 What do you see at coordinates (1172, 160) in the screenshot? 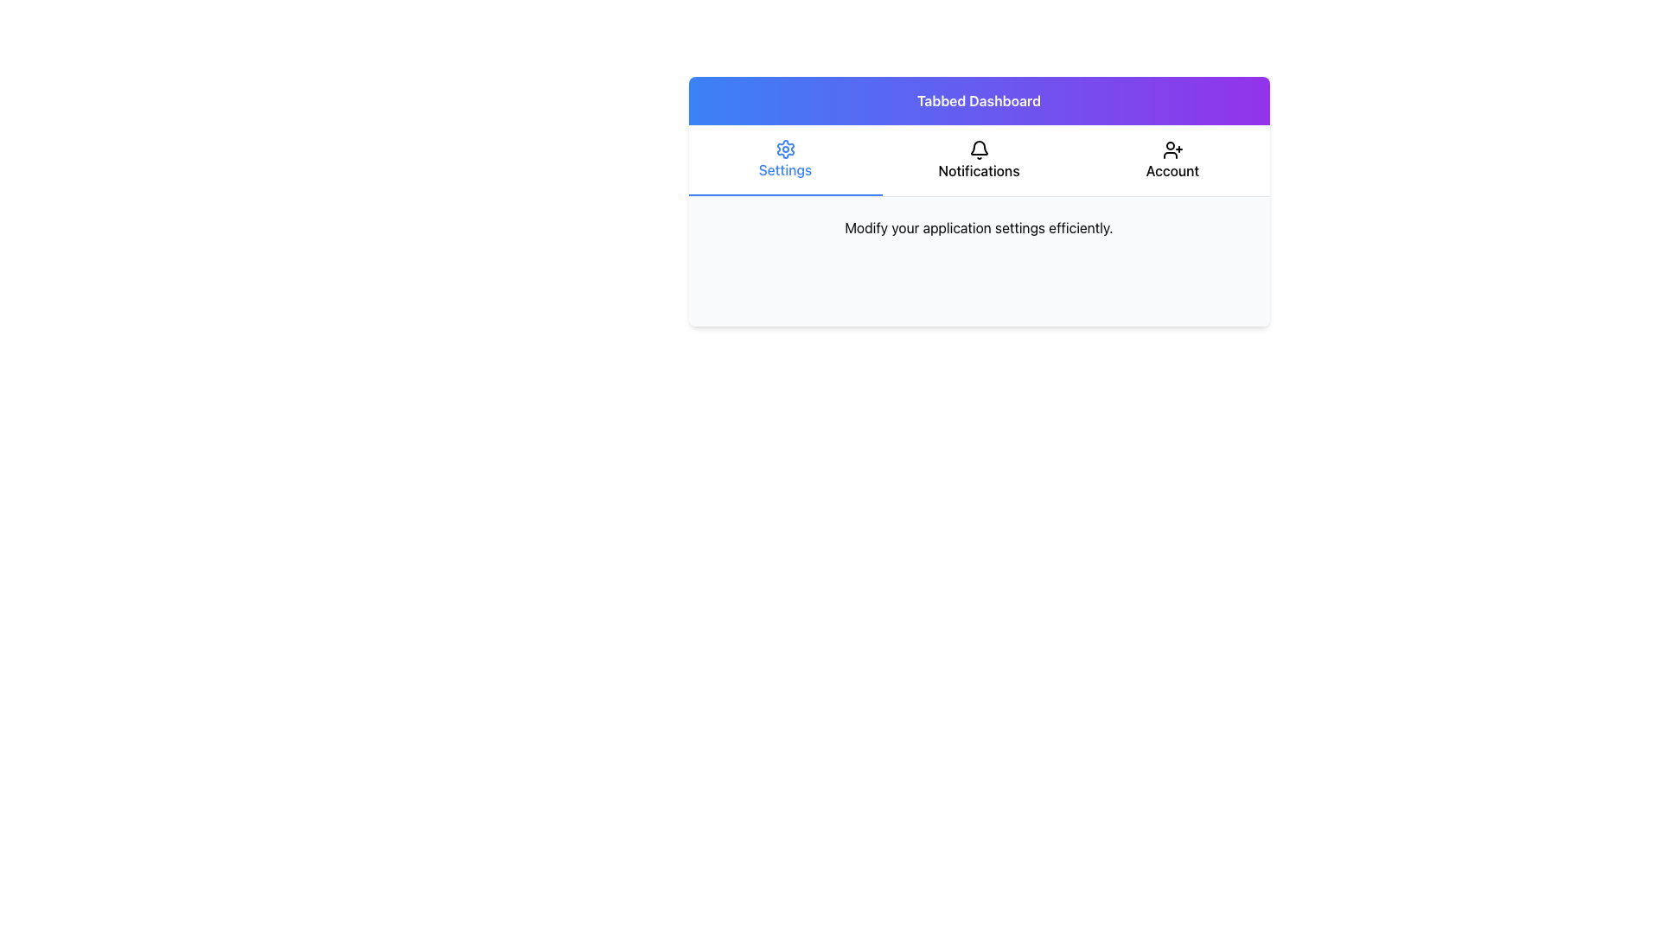
I see `the 'Account' button in the header tabbed interface` at bounding box center [1172, 160].